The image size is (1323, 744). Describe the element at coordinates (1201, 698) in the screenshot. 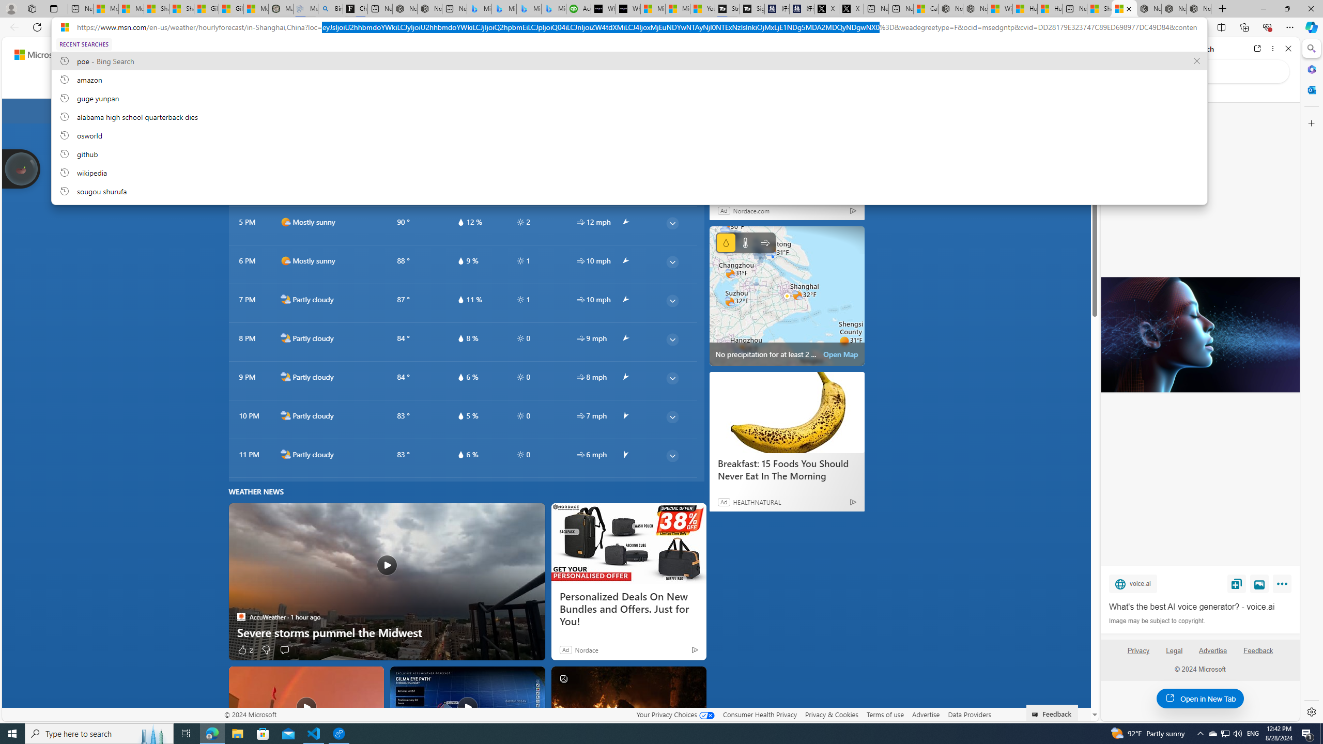

I see `'Open in New Tab'` at that location.